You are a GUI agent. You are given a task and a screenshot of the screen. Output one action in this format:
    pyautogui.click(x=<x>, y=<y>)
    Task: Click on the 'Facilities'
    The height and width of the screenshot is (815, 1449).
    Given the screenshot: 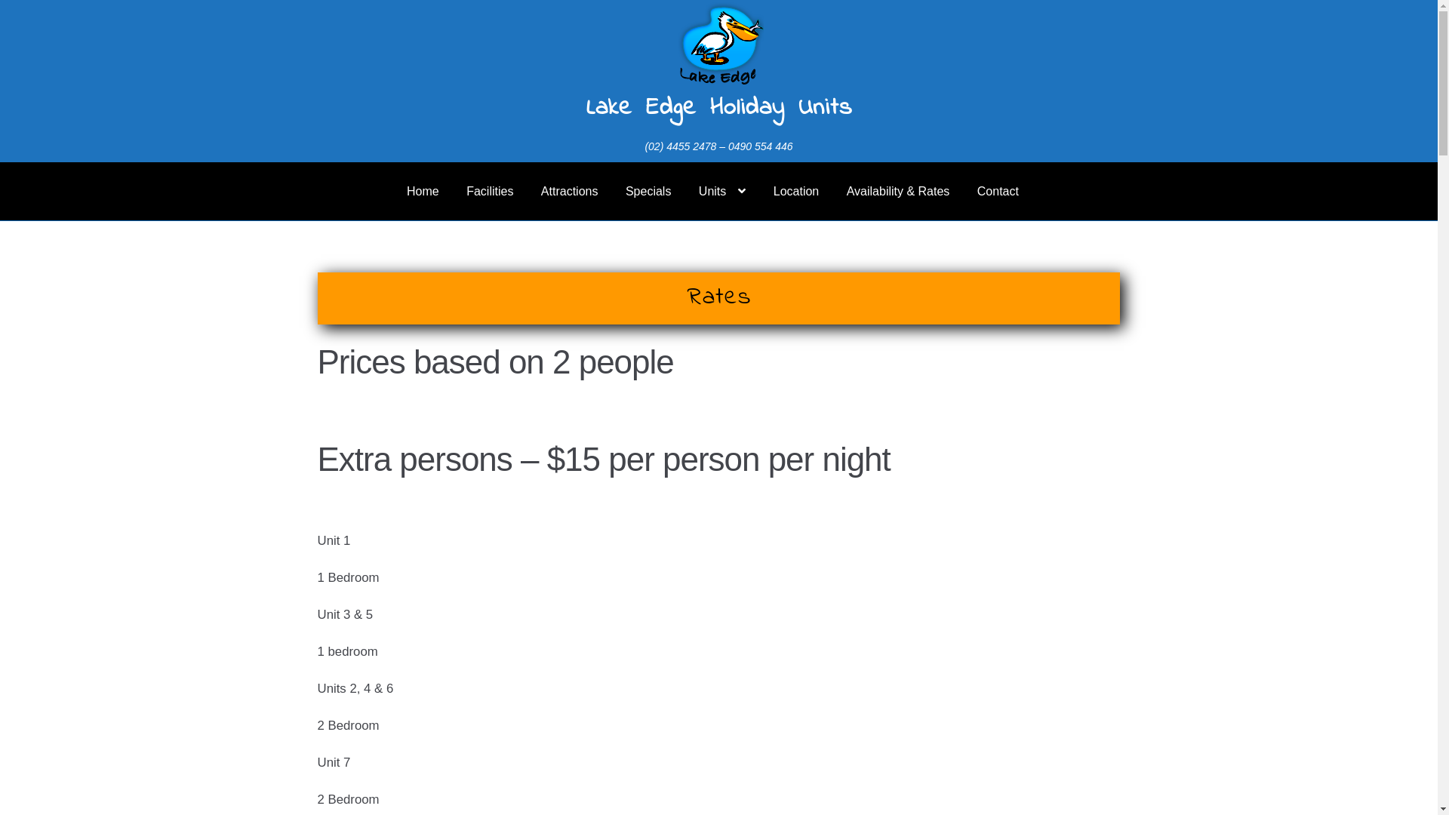 What is the action you would take?
    pyautogui.click(x=489, y=191)
    